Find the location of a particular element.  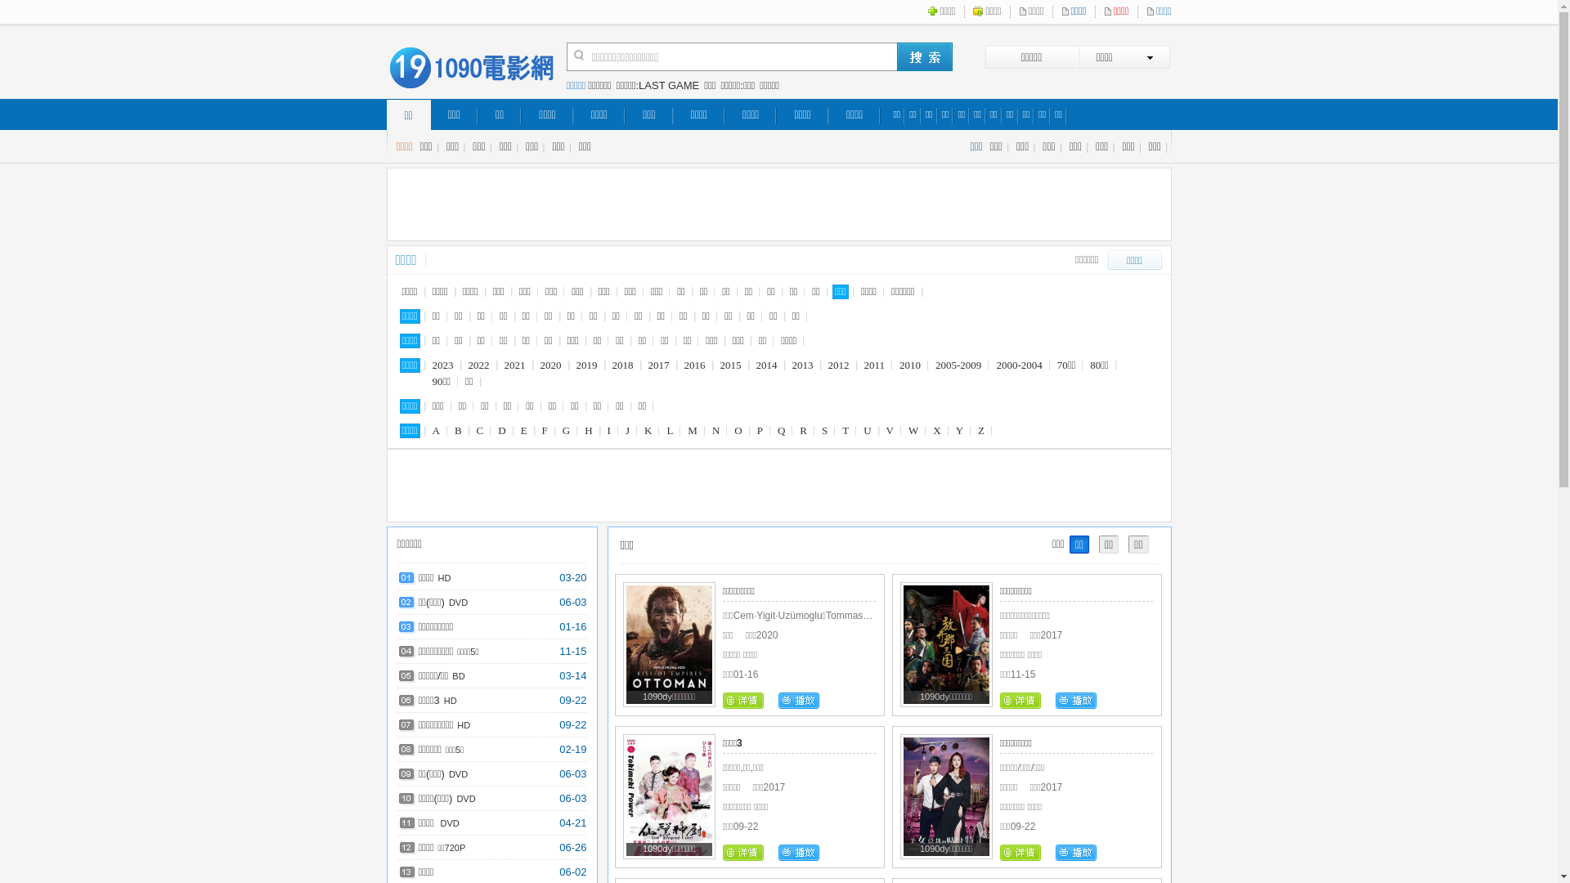

'U' is located at coordinates (866, 430).